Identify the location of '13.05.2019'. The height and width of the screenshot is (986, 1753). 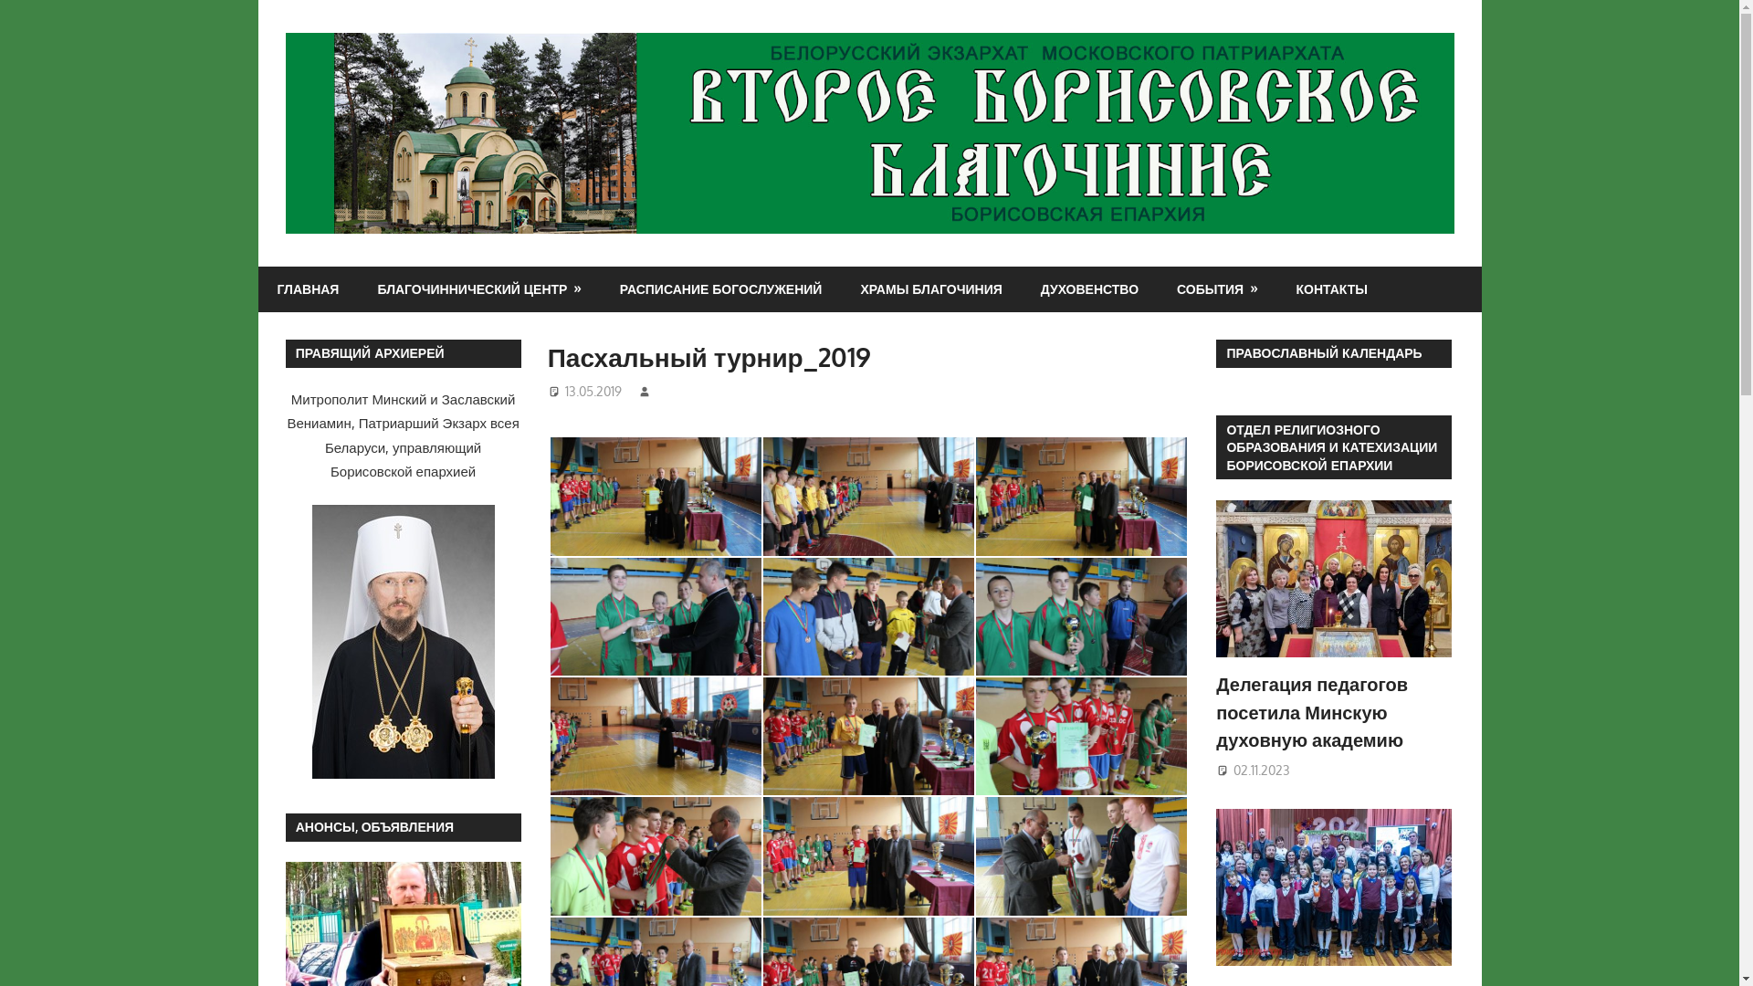
(593, 390).